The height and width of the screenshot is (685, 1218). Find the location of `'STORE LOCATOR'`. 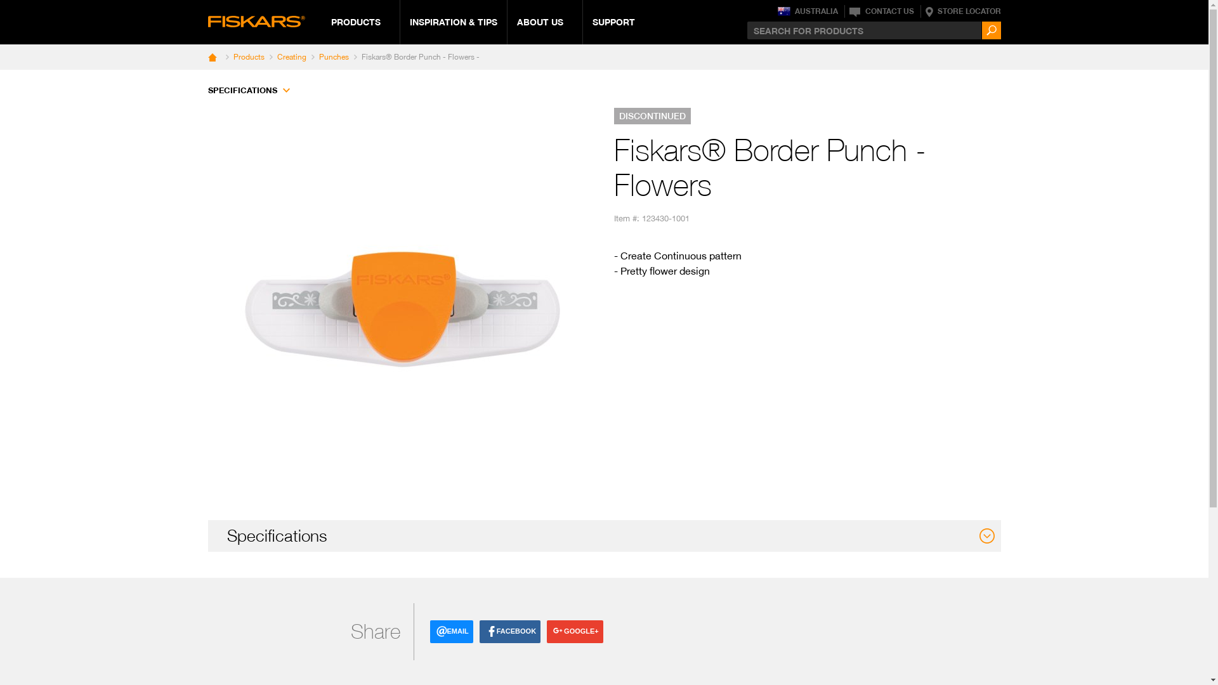

'STORE LOCATOR' is located at coordinates (962, 11).